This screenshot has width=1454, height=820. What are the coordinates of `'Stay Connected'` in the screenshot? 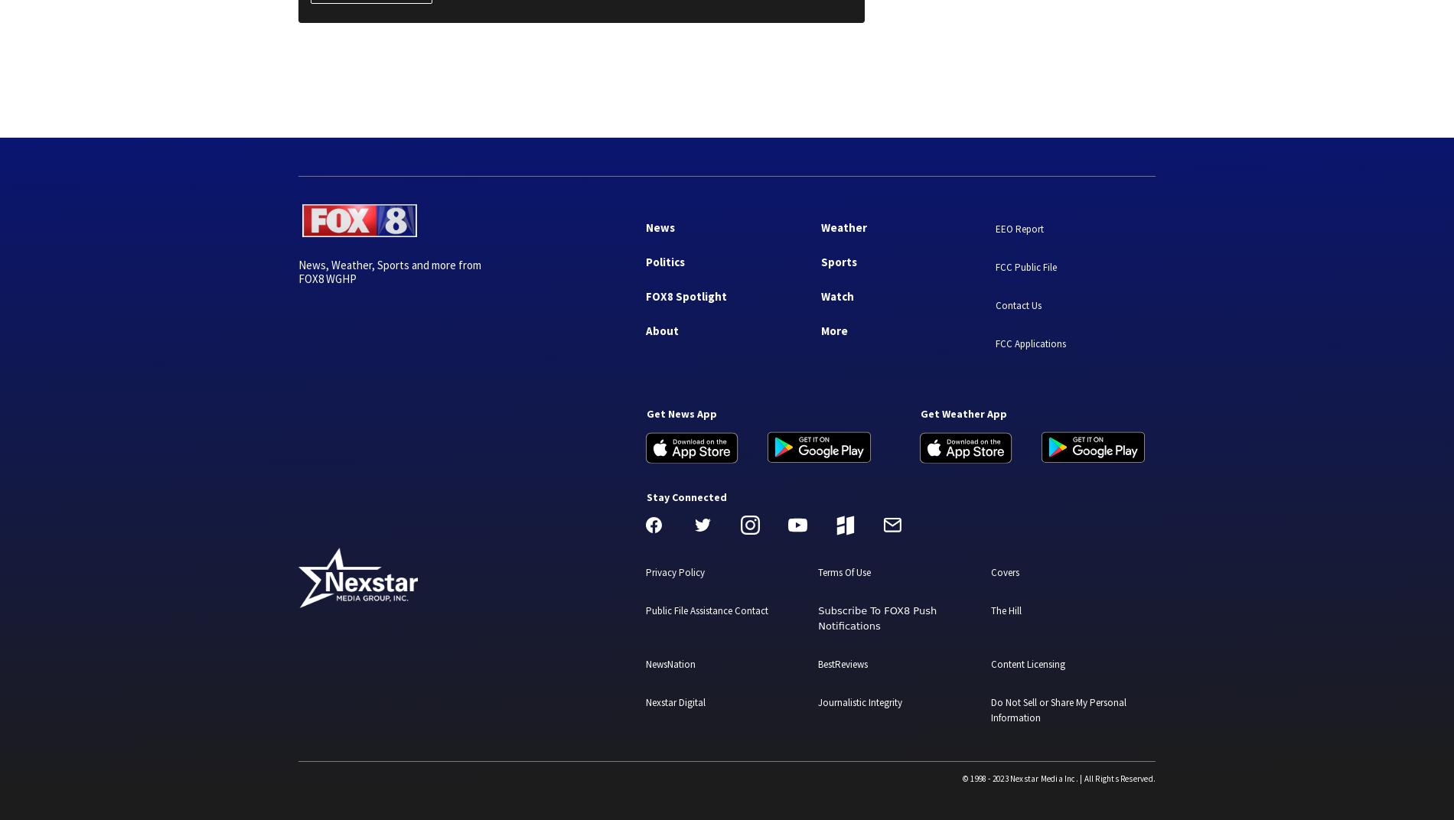 It's located at (686, 496).